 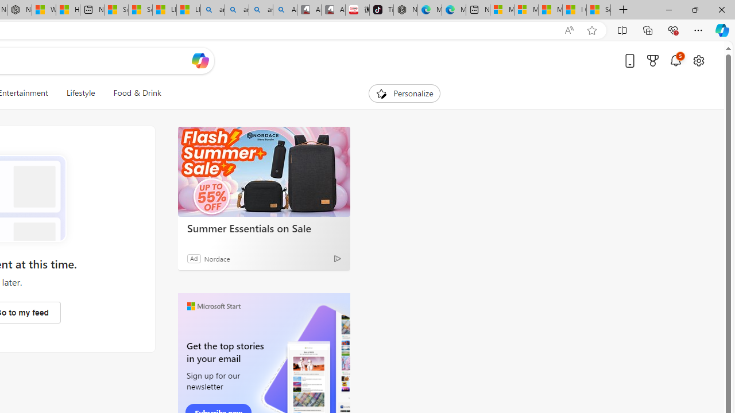 What do you see at coordinates (260, 10) in the screenshot?
I see `'amazon - Search Images'` at bounding box center [260, 10].